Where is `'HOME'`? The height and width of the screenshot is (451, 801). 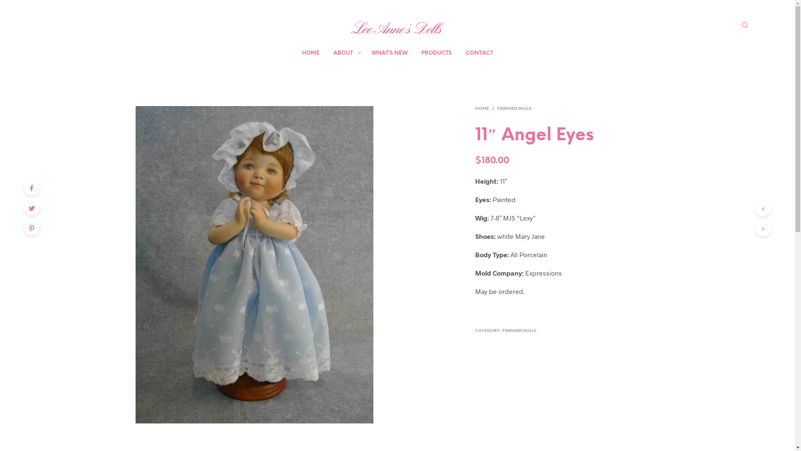
'HOME' is located at coordinates (483, 108).